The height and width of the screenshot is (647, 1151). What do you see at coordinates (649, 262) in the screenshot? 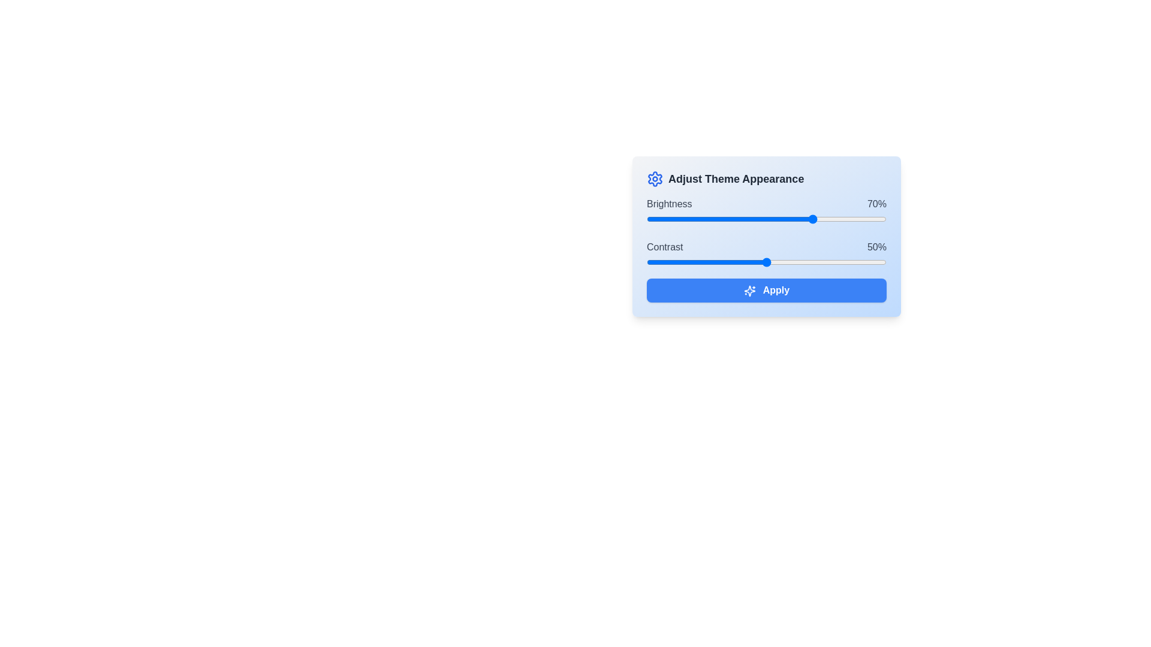
I see `the contrast slider to 1%` at bounding box center [649, 262].